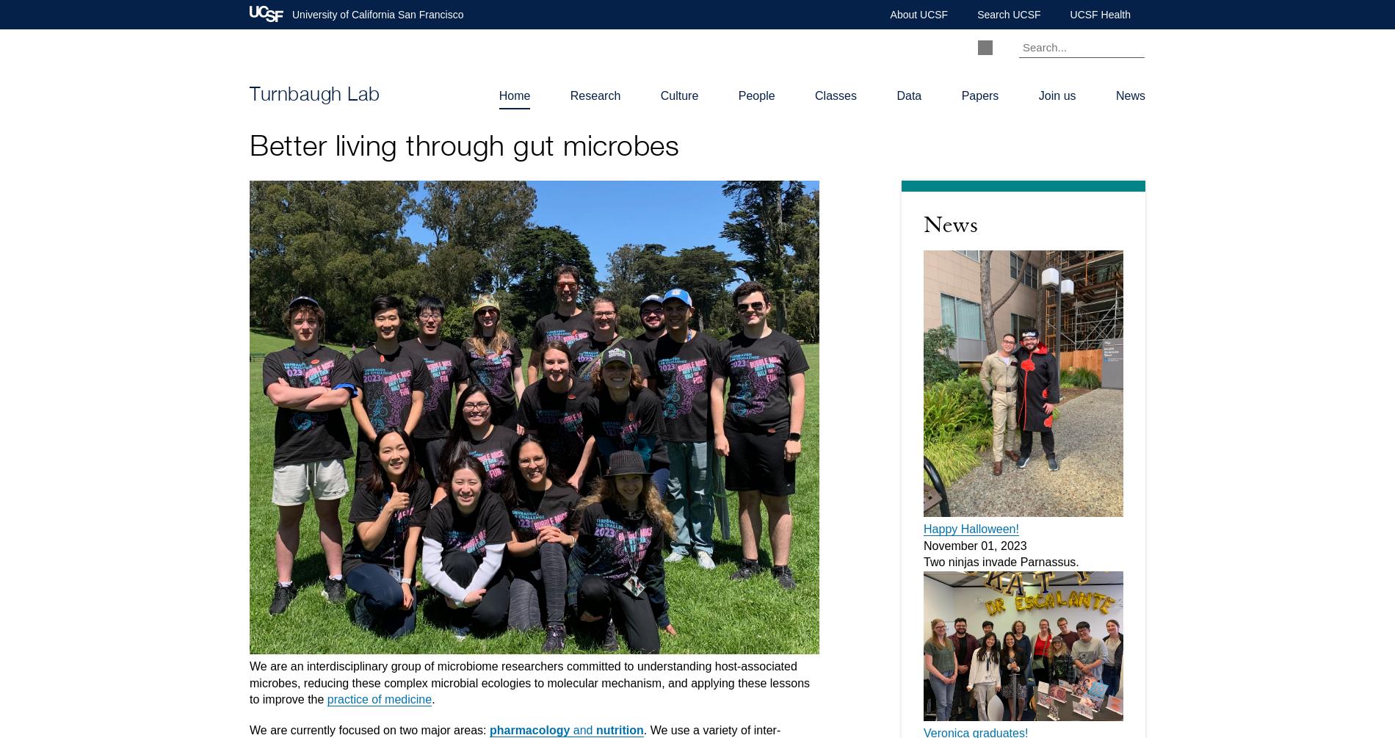  I want to click on 'Two ninjas invade Parnassus.', so click(1000, 562).